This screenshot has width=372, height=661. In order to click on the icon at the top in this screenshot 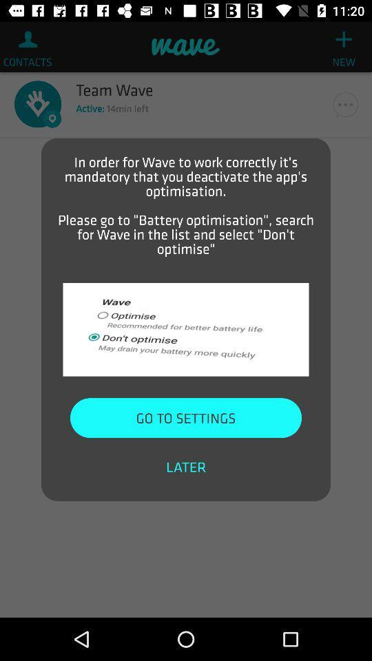, I will do `click(186, 204)`.